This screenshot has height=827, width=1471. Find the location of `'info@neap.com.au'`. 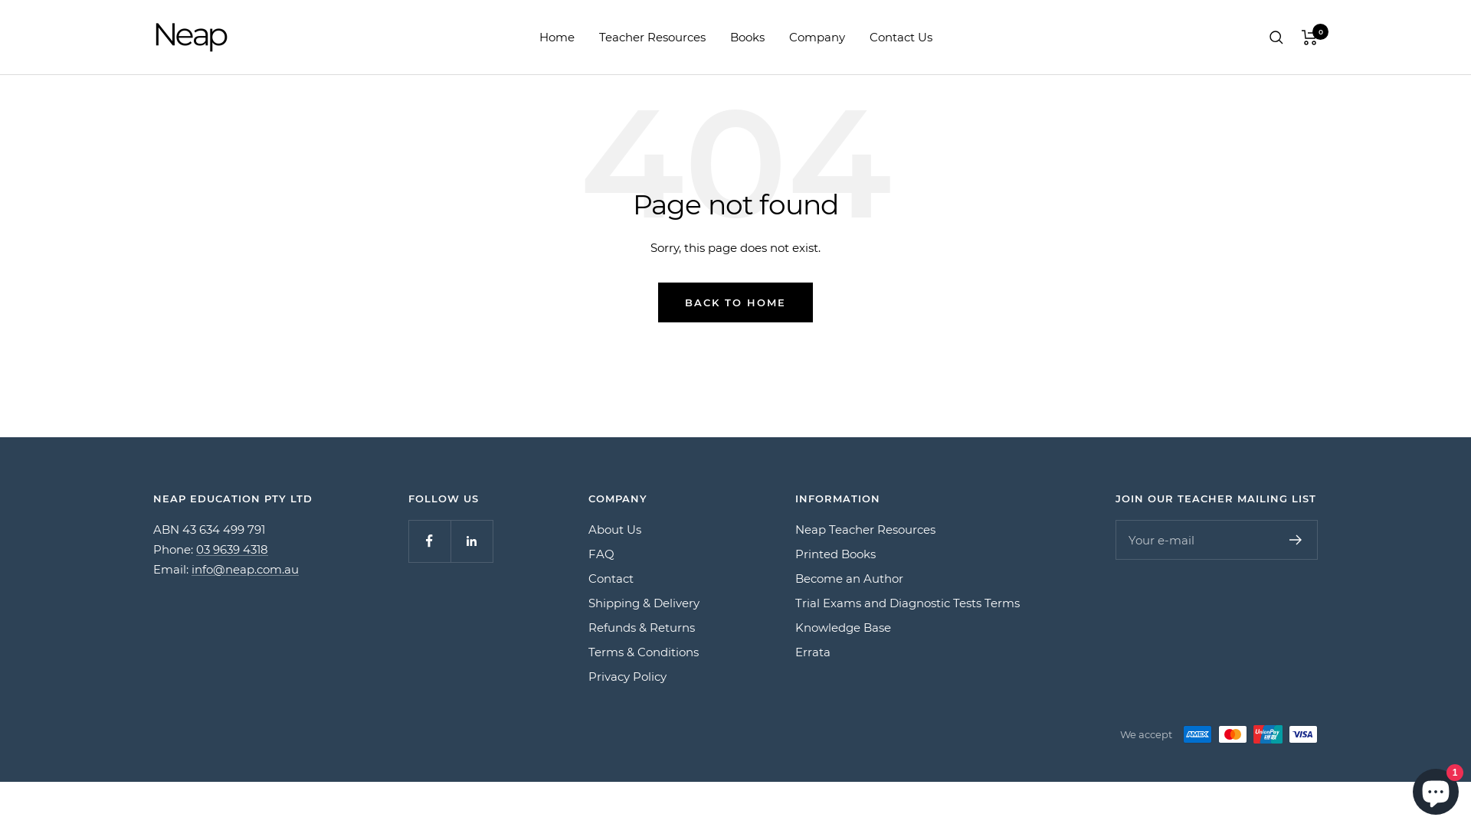

'info@neap.com.au' is located at coordinates (245, 569).